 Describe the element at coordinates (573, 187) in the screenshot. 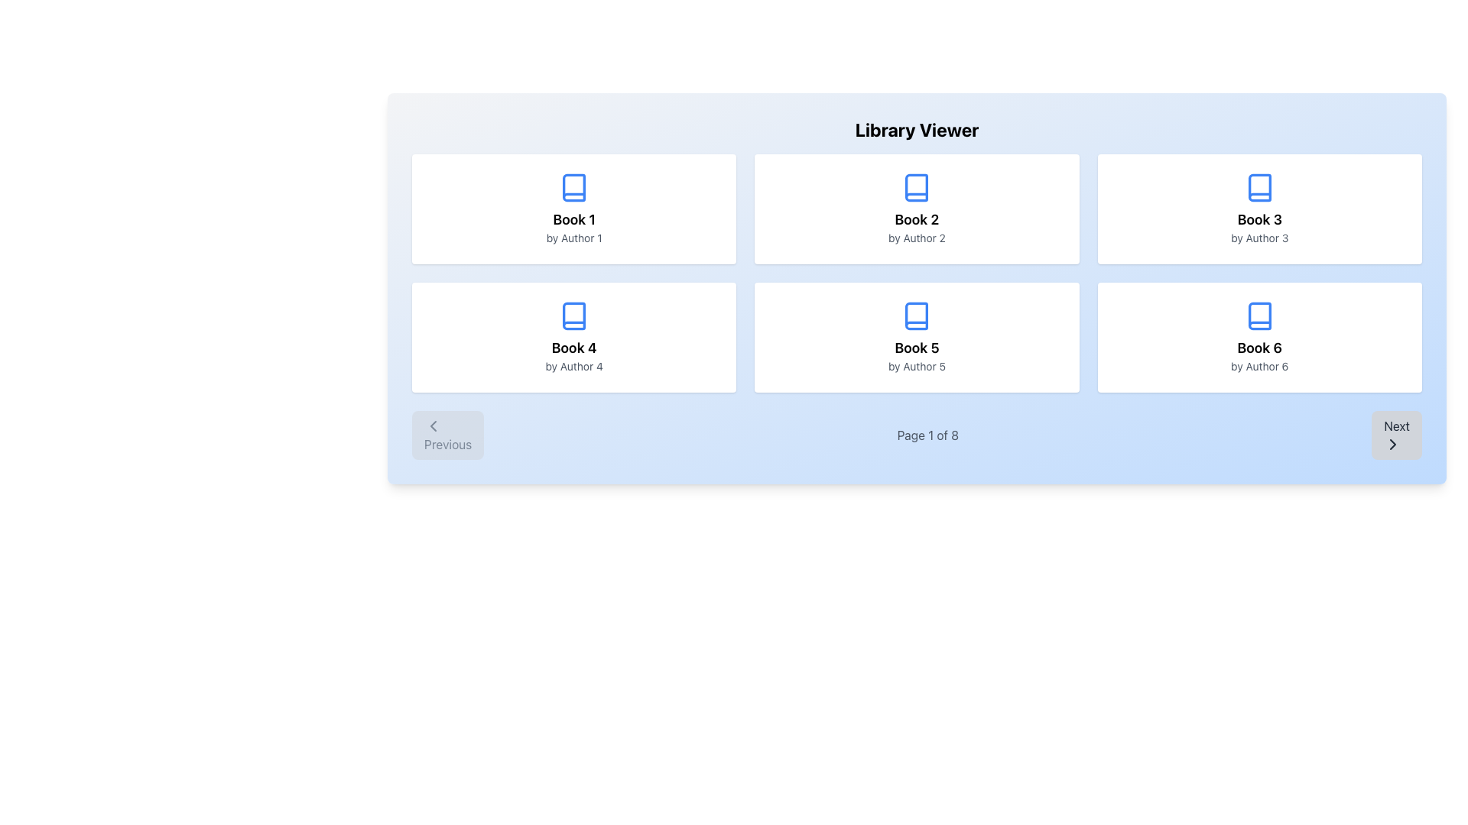

I see `the decorative book icon positioned in the first row and first position of the grid, above the label 'Book 1' and sub-label 'by Author 1'` at that location.